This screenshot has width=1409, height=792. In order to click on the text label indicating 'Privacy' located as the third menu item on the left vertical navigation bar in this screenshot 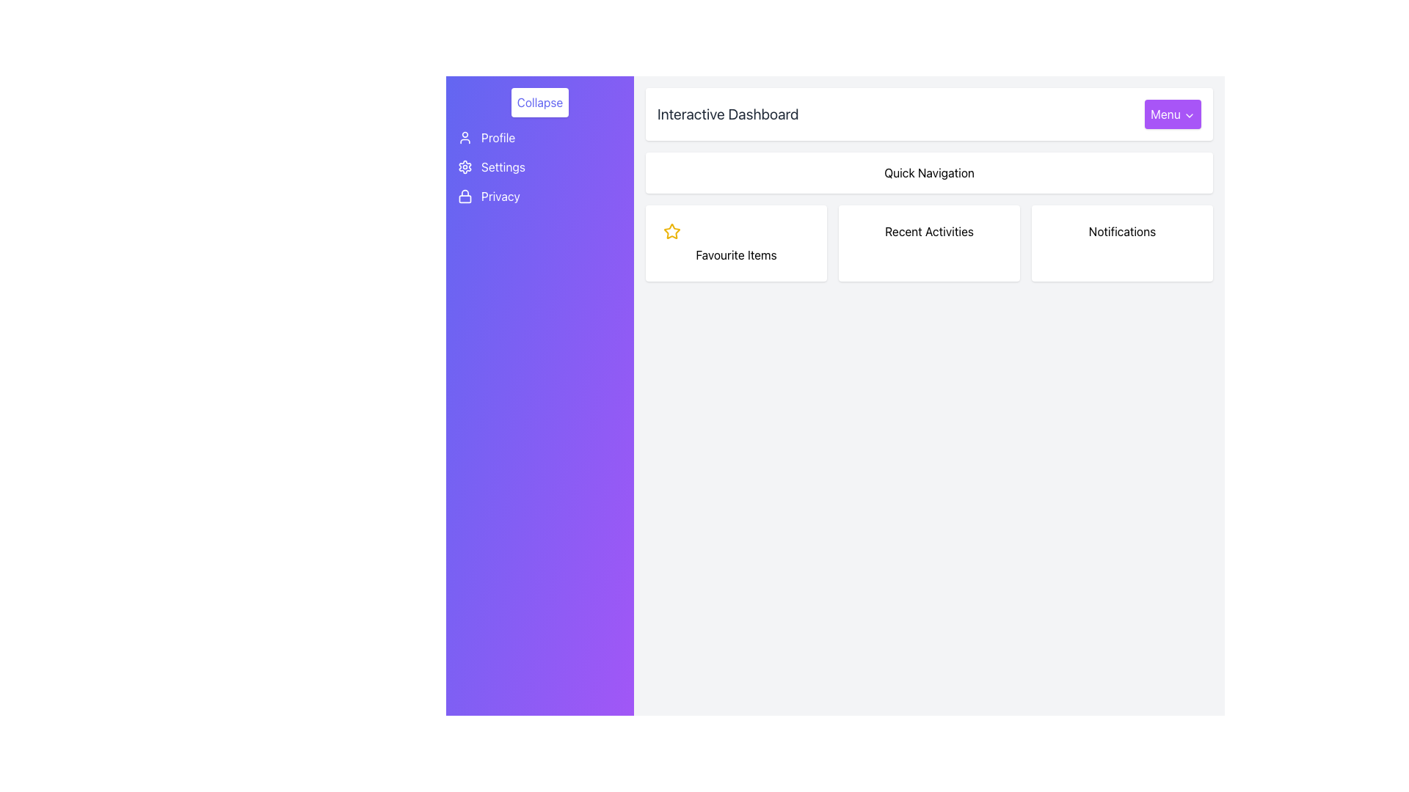, I will do `click(500, 195)`.